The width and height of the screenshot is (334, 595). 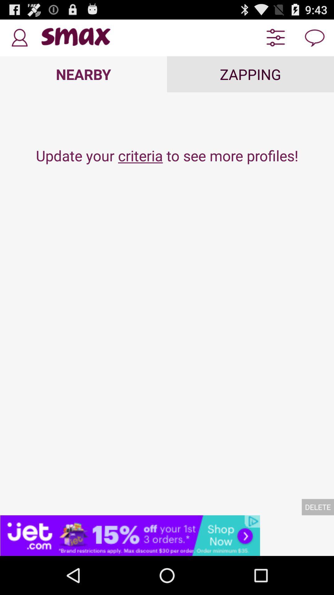 What do you see at coordinates (19, 40) in the screenshot?
I see `the avatar icon` at bounding box center [19, 40].